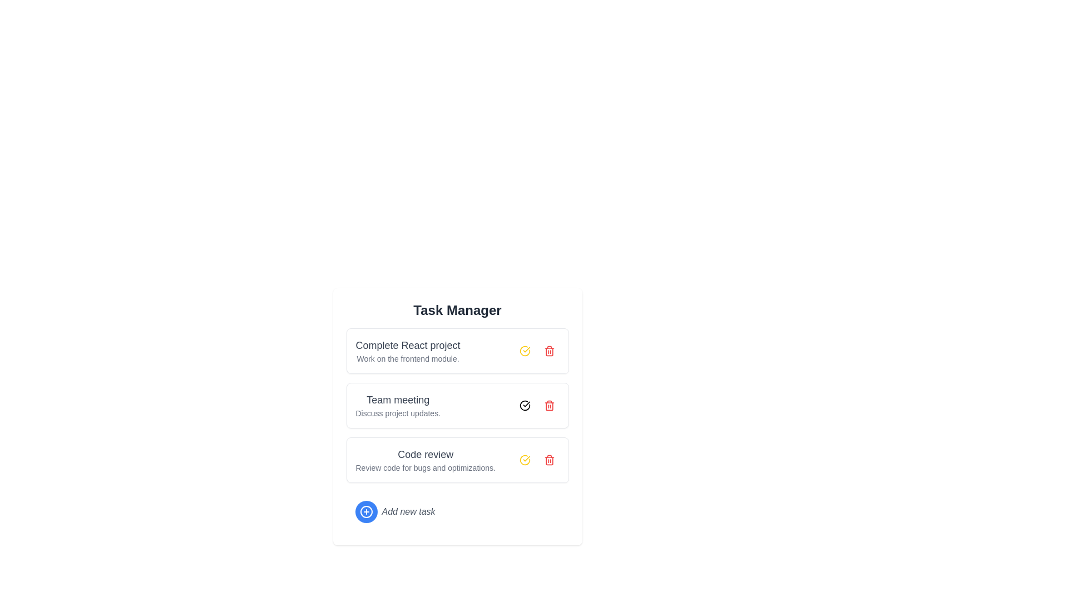  I want to click on the static text label displaying 'Add new task', which is styled in italicized light gray and positioned to the right of a blue circular '+' button, so click(408, 512).